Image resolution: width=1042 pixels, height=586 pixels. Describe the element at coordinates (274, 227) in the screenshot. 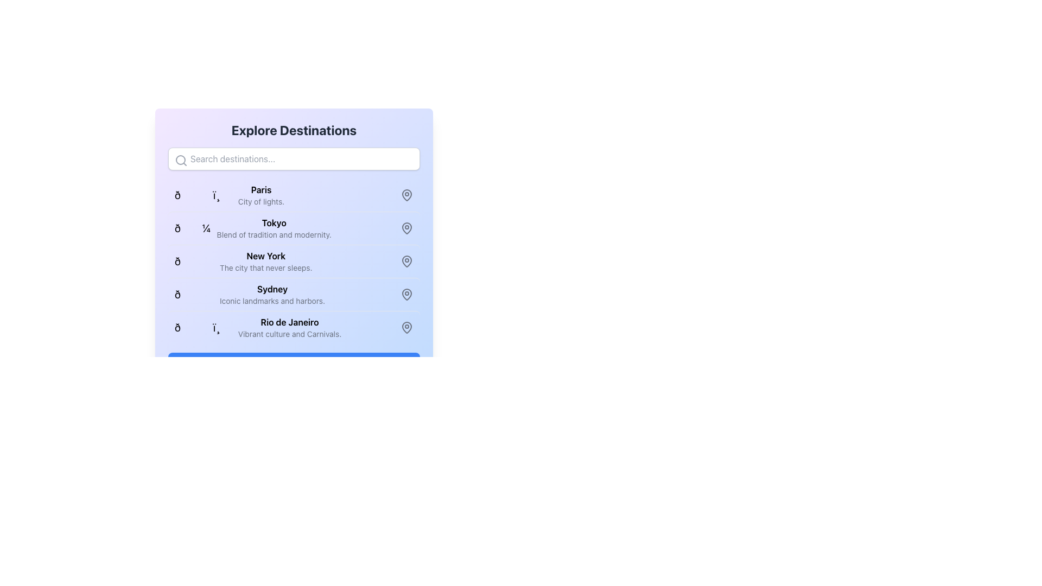

I see `text block containing 'Tokyo' in bold and 'Blend of tradition and modernity.' in smaller, gray-colored text, which is centered in a rectangular layout on the second row of the destinations list` at that location.